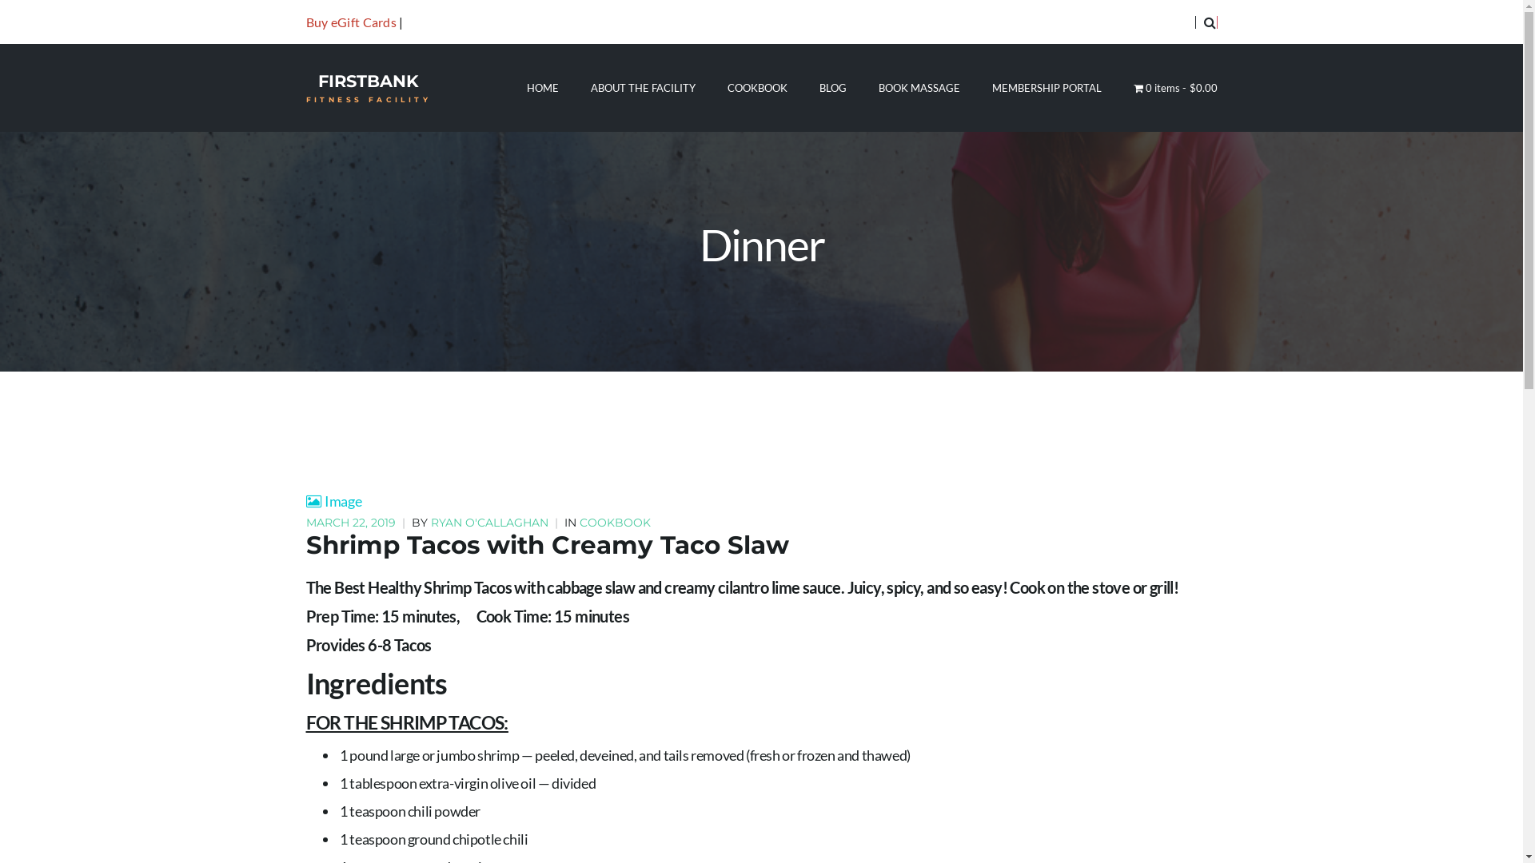 This screenshot has width=1535, height=863. Describe the element at coordinates (878, 88) in the screenshot. I see `'BOOK MASSAGE'` at that location.